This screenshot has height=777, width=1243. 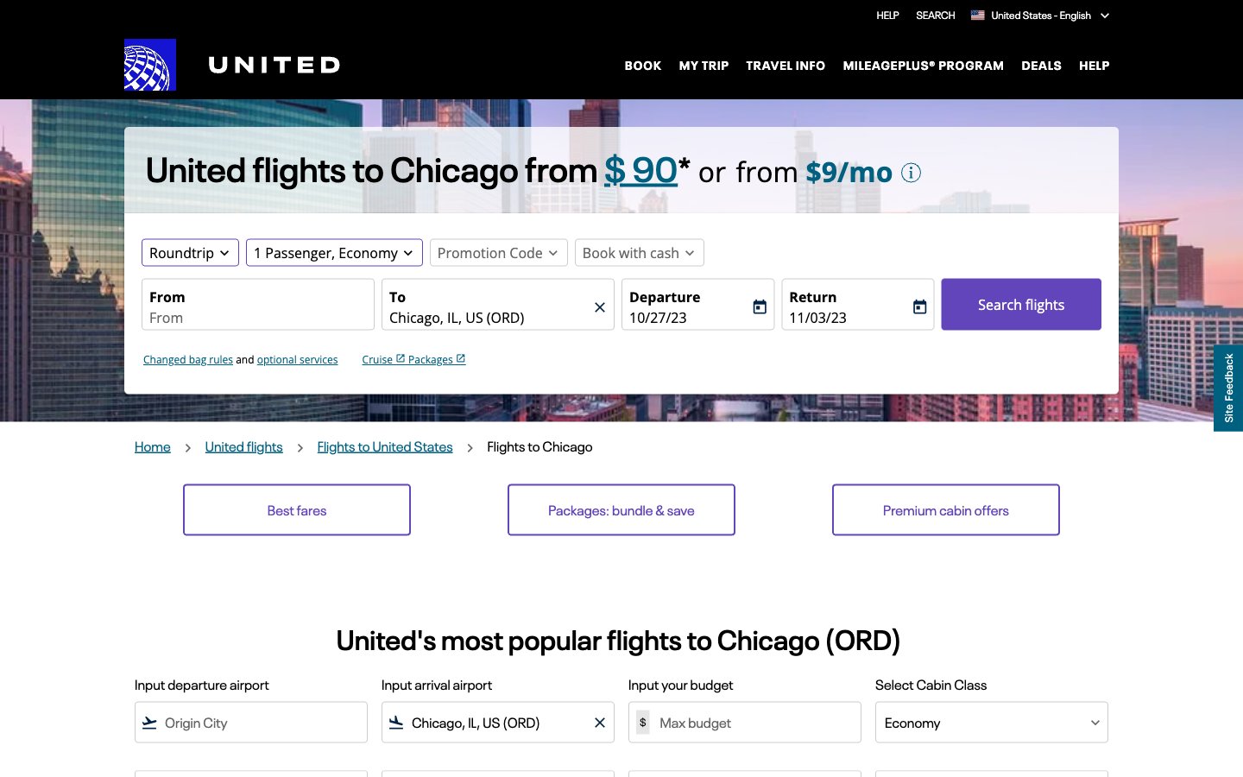 I want to click on Redirect to my trip, so click(x=704, y=63).